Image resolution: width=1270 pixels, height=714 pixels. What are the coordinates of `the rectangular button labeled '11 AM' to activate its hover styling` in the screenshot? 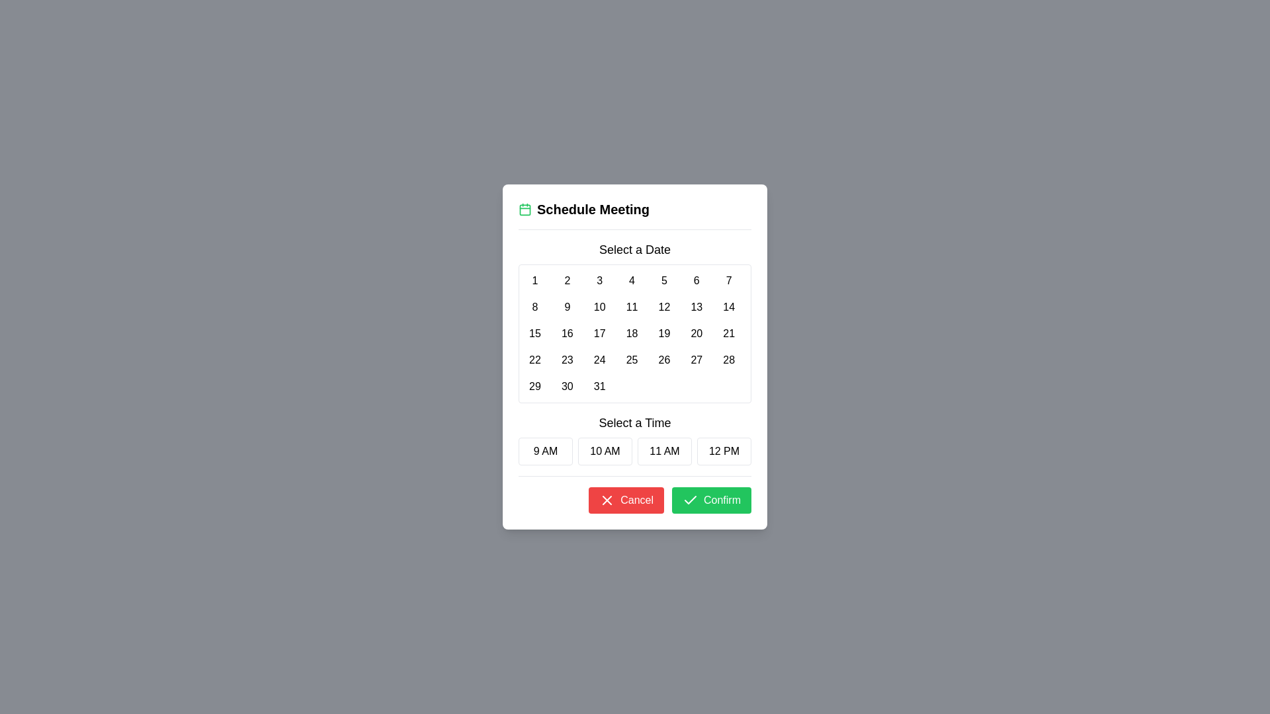 It's located at (664, 450).